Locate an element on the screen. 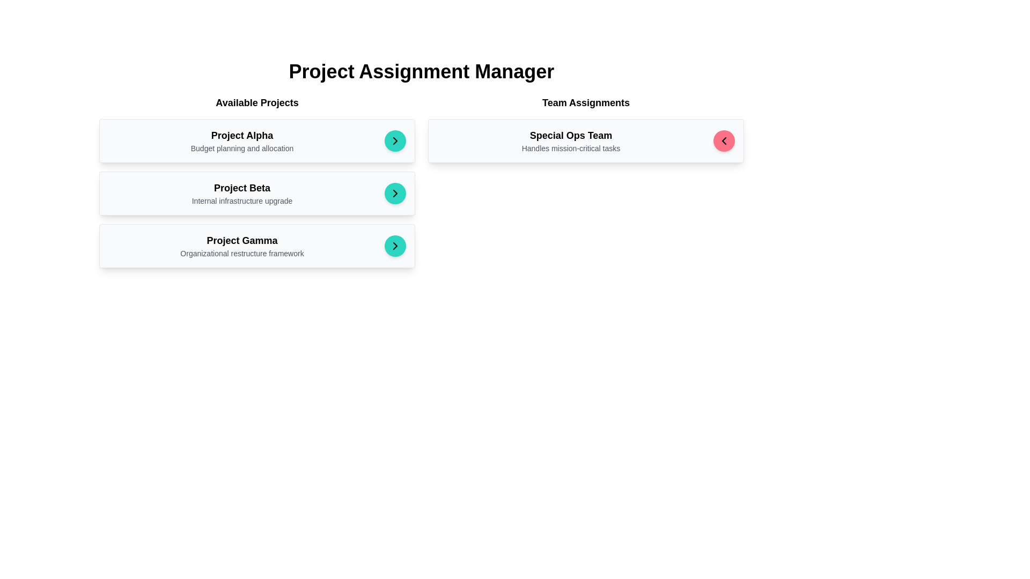  the circular red-pink button with a leftward-pointing chevron icon, located at the far right of the 'Special Ops Team' card is located at coordinates (724, 140).